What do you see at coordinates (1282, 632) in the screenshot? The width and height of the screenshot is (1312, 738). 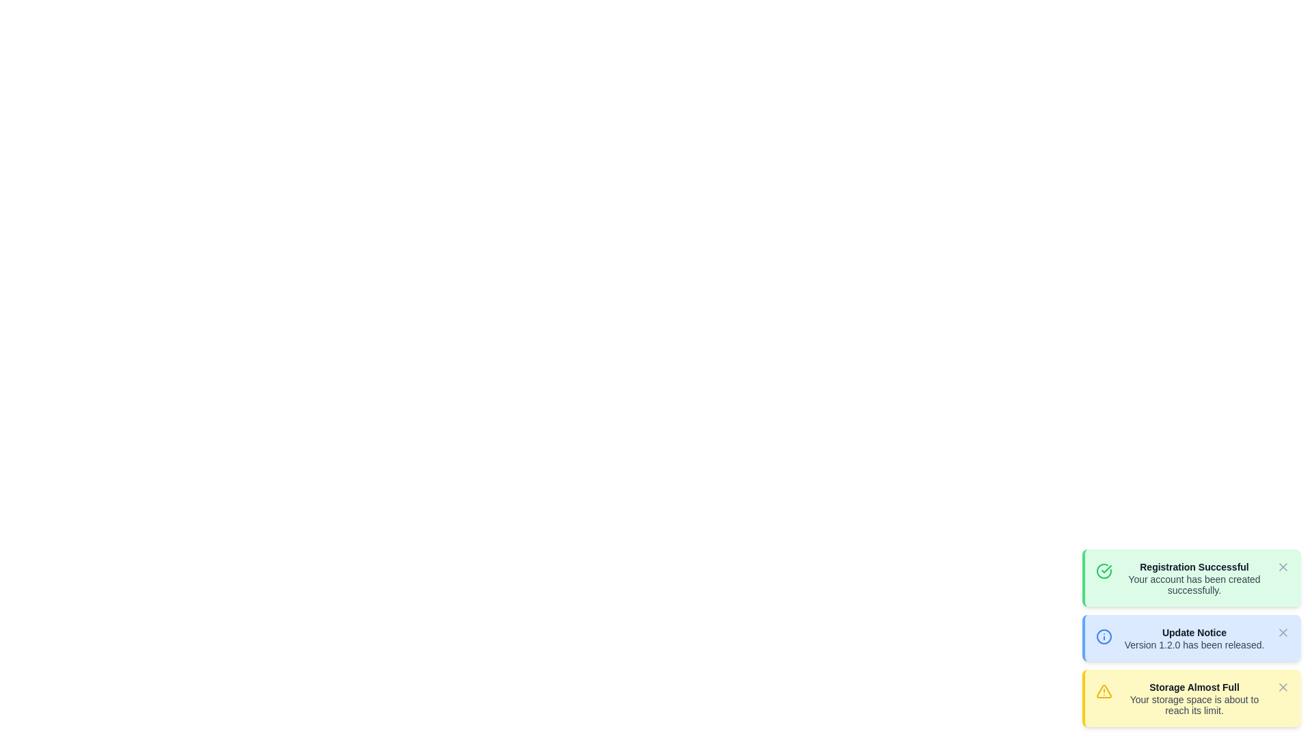 I see `the 'X' icon button in the top-right corner of the notification card to change its color` at bounding box center [1282, 632].